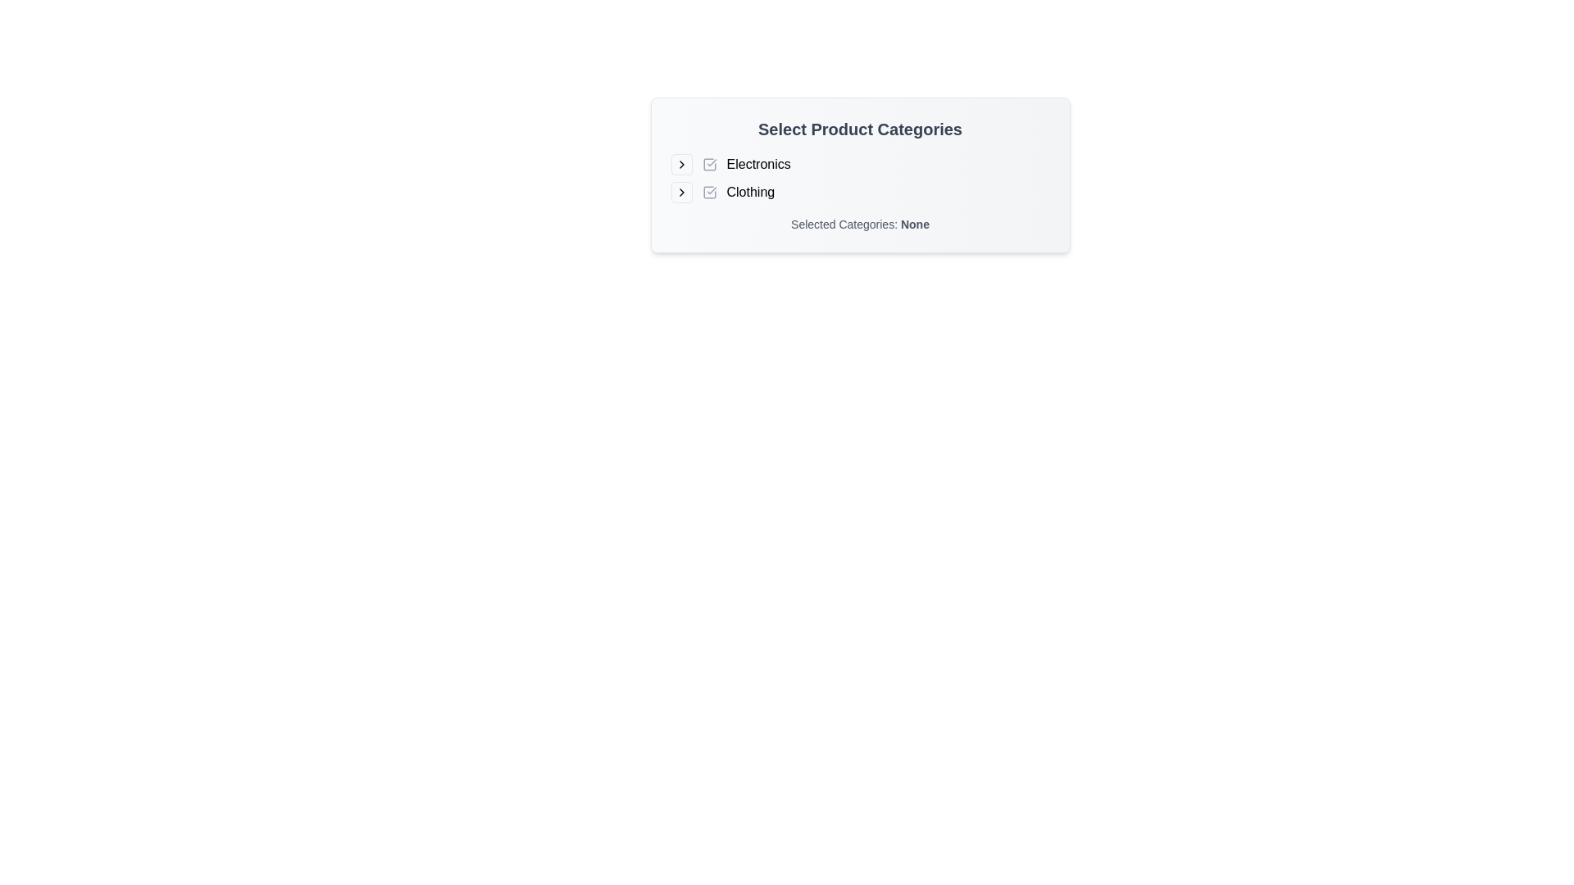  I want to click on the checkbox associated with the 'Clothing' category in the product listing interface, so click(859, 192).